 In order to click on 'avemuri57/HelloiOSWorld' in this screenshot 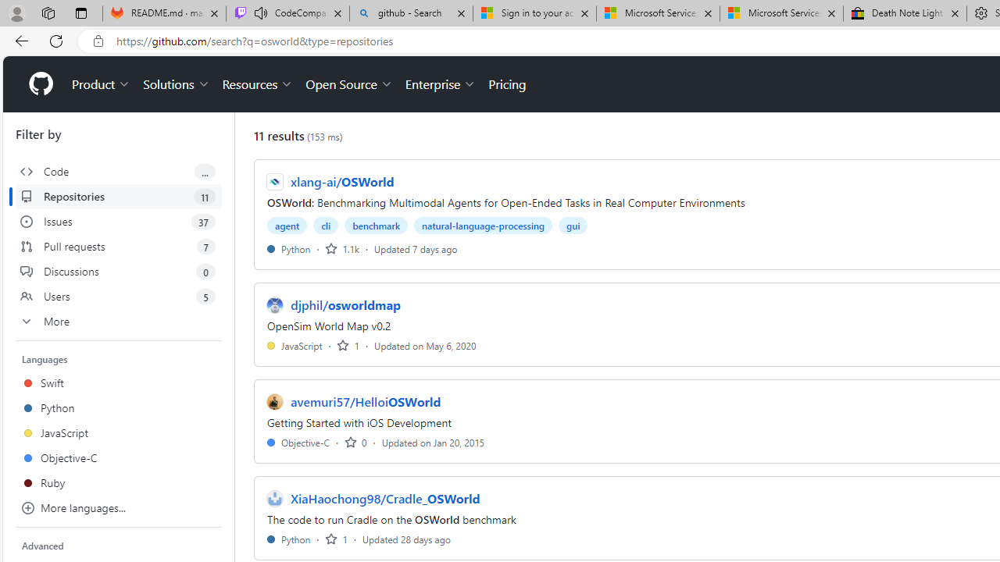, I will do `click(365, 401)`.